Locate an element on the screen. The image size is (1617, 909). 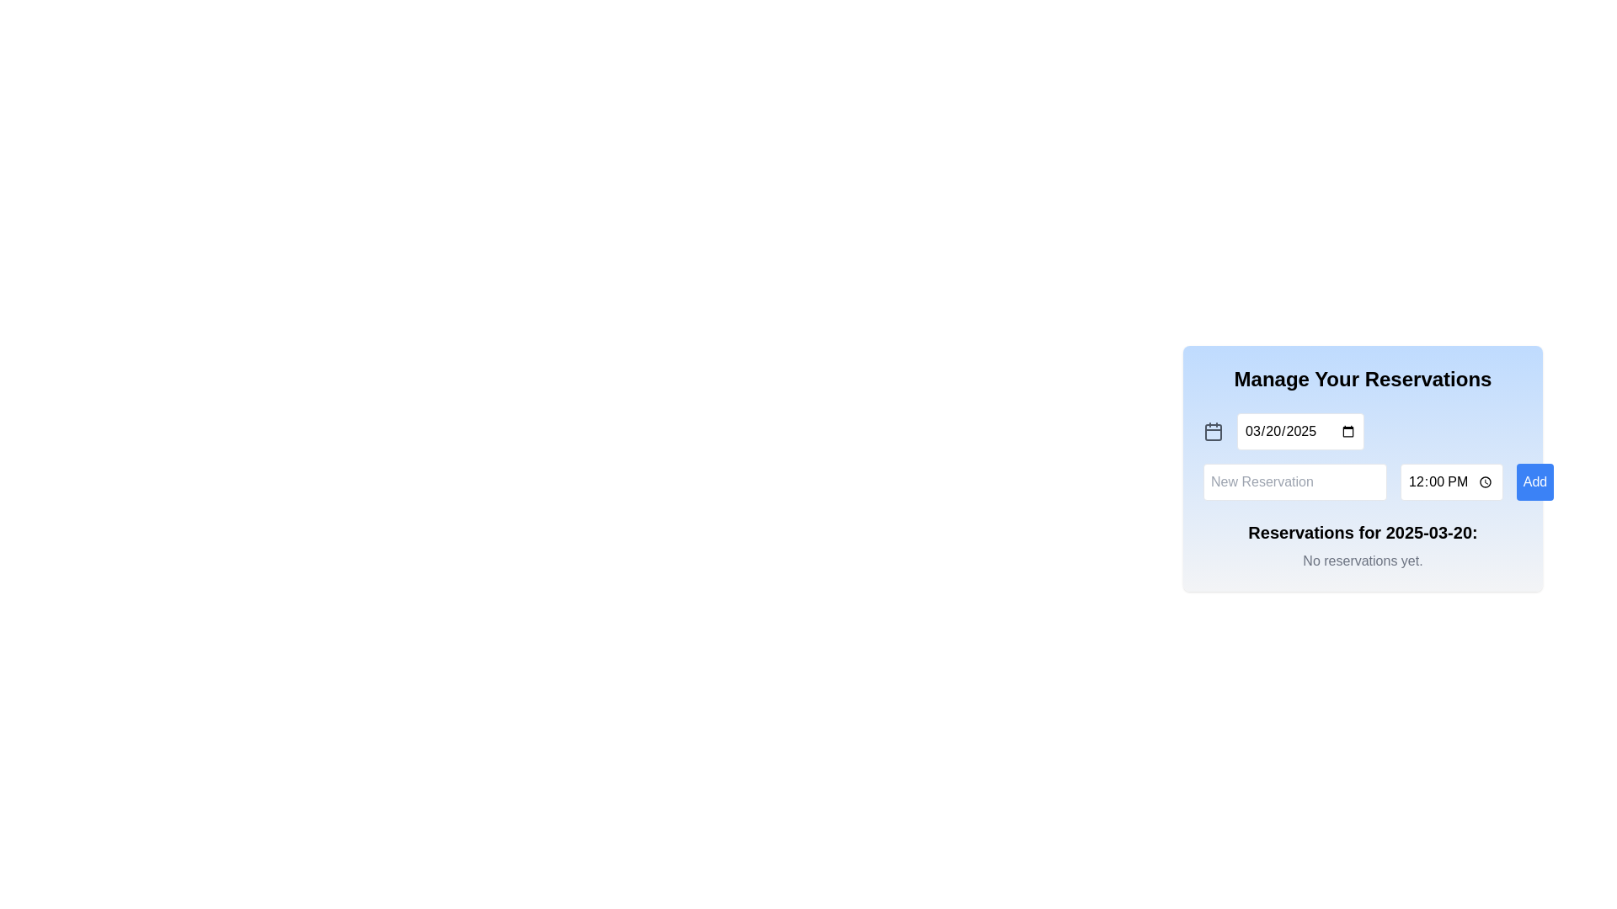
the text display element that shows reservation information, which currently indicates there are no reservations for the date shown is located at coordinates (1363, 545).